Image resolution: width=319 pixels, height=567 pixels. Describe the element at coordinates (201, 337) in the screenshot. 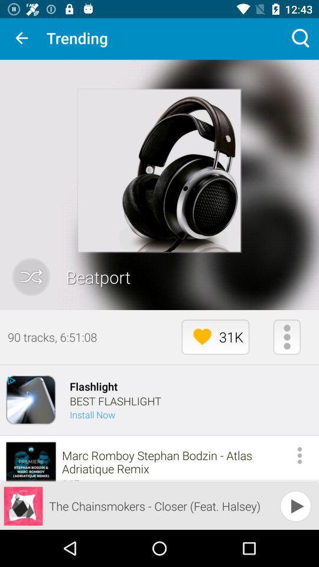

I see `the favorite icon` at that location.